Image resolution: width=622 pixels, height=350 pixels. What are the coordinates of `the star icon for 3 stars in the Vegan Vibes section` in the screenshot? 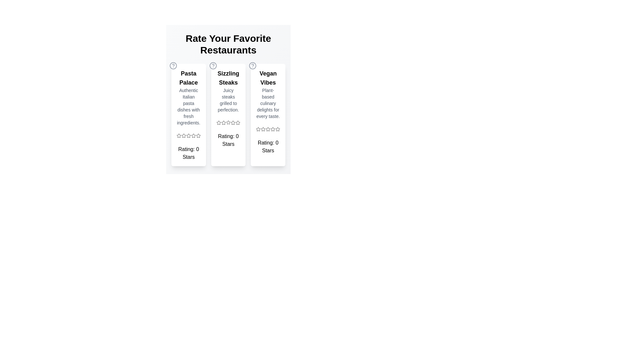 It's located at (268, 129).